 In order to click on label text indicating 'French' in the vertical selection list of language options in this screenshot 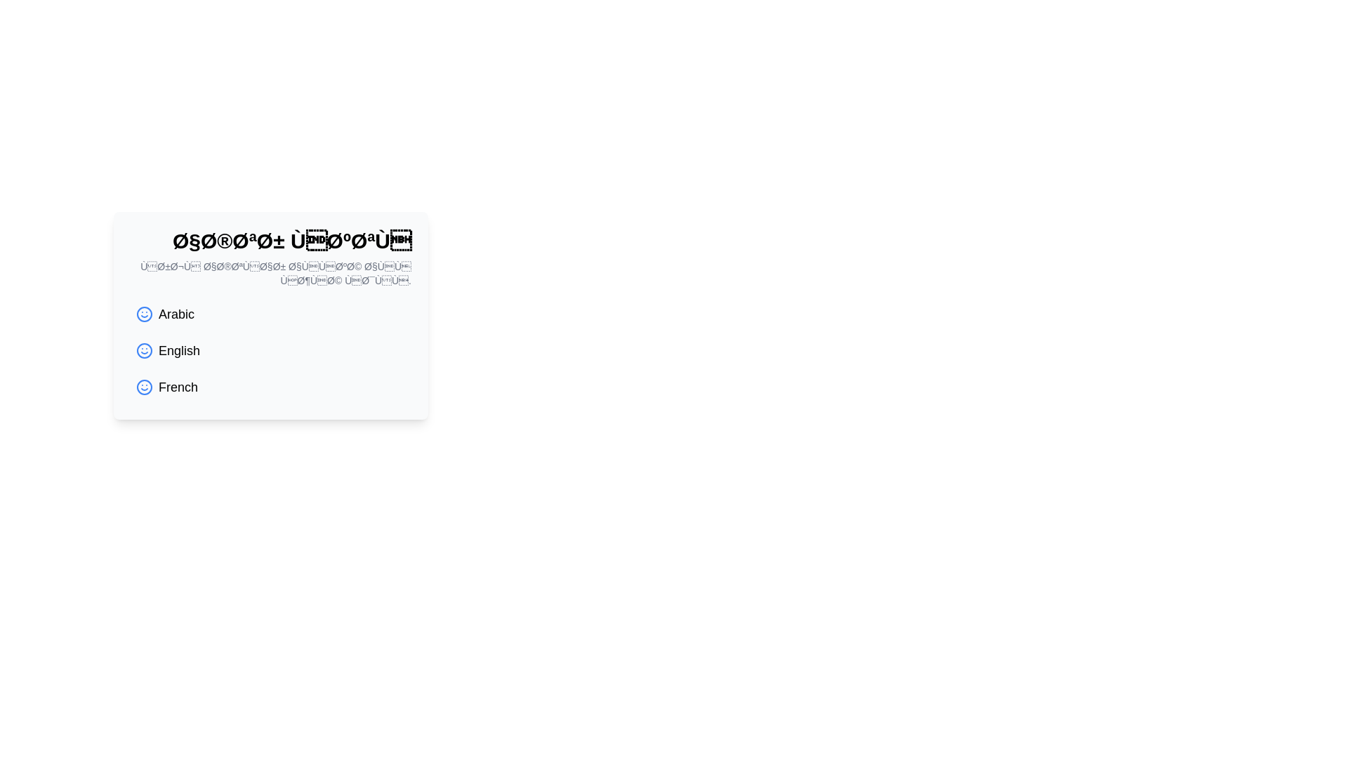, I will do `click(178, 387)`.